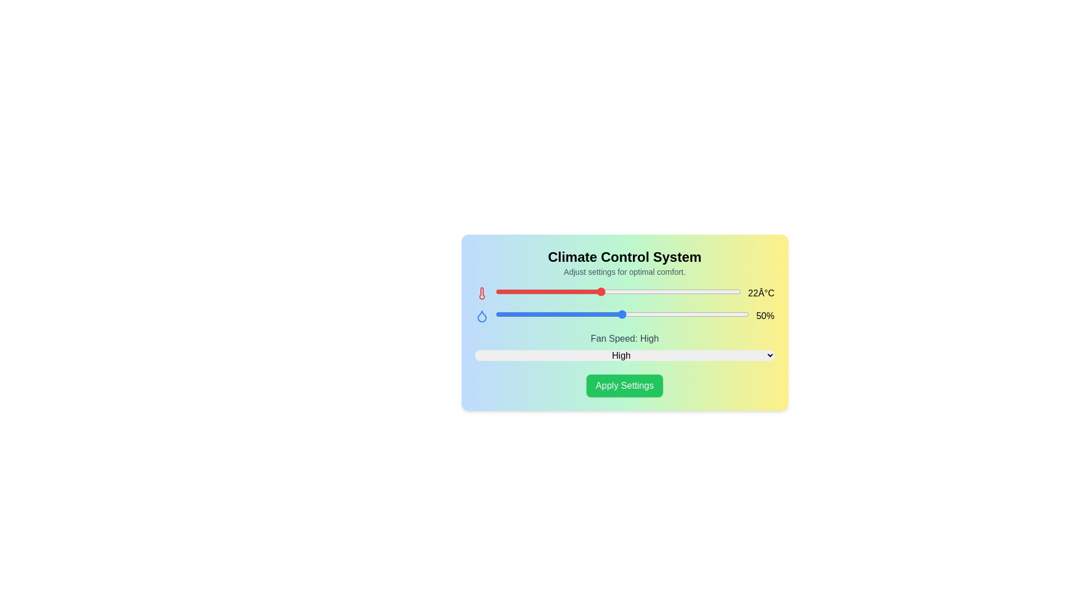 This screenshot has width=1089, height=612. I want to click on the temperature slider to 17 degrees Celsius, so click(512, 291).